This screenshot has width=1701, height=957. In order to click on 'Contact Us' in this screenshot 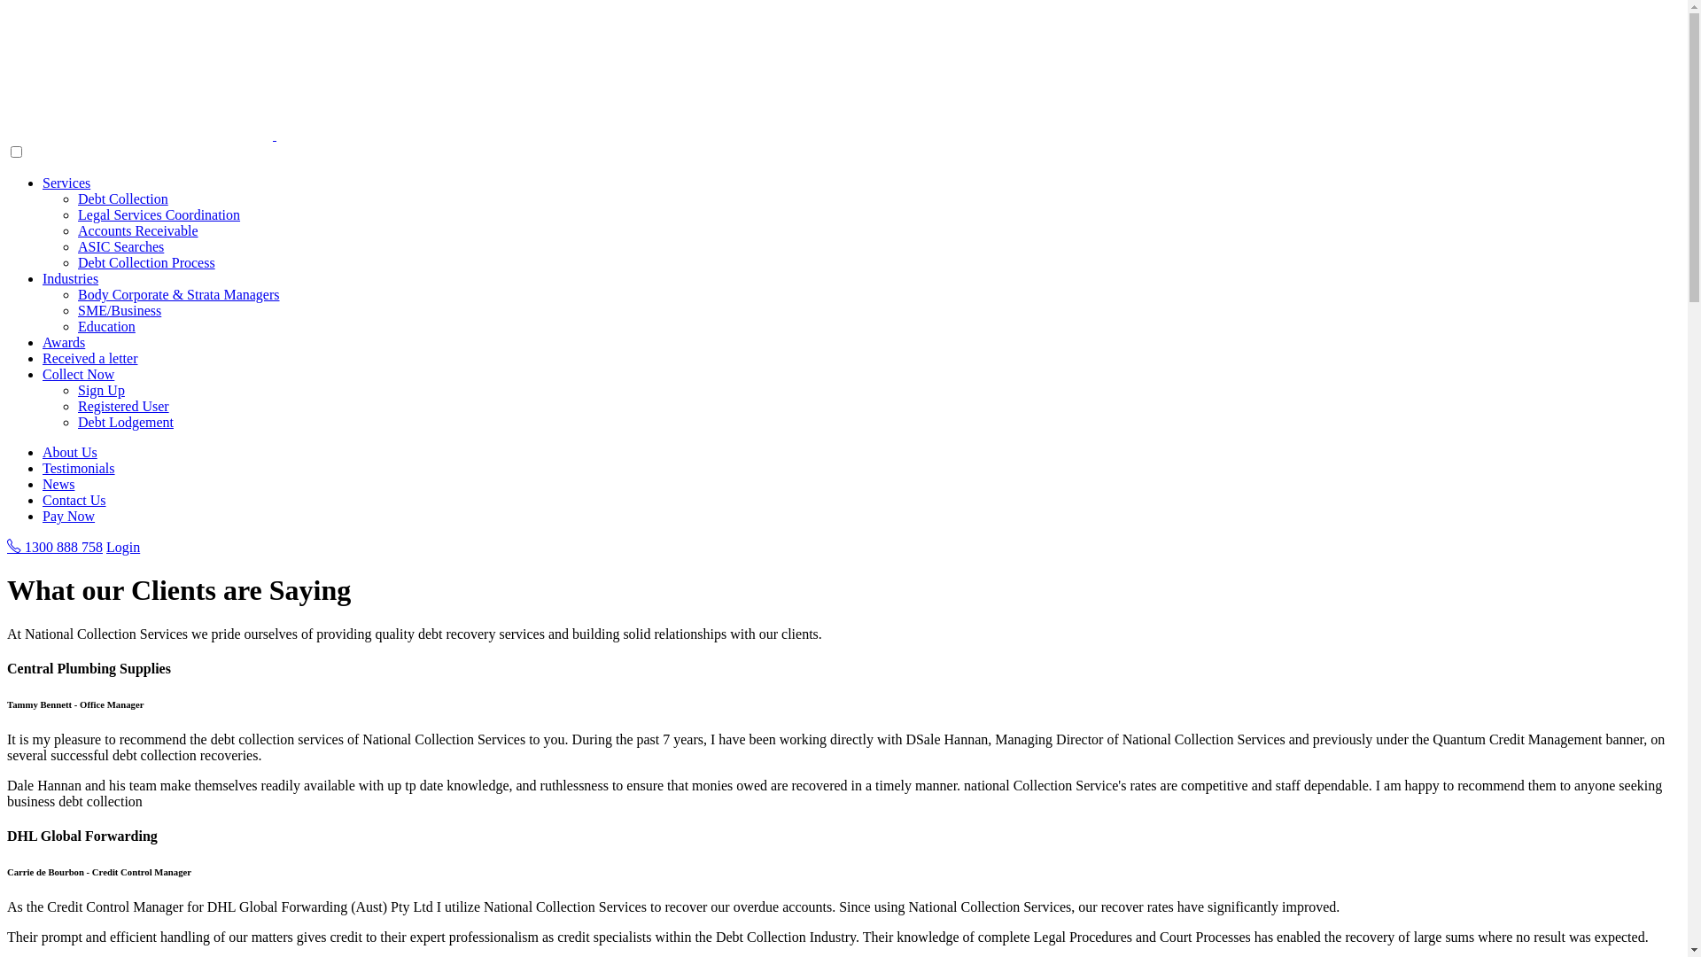, I will do `click(73, 500)`.